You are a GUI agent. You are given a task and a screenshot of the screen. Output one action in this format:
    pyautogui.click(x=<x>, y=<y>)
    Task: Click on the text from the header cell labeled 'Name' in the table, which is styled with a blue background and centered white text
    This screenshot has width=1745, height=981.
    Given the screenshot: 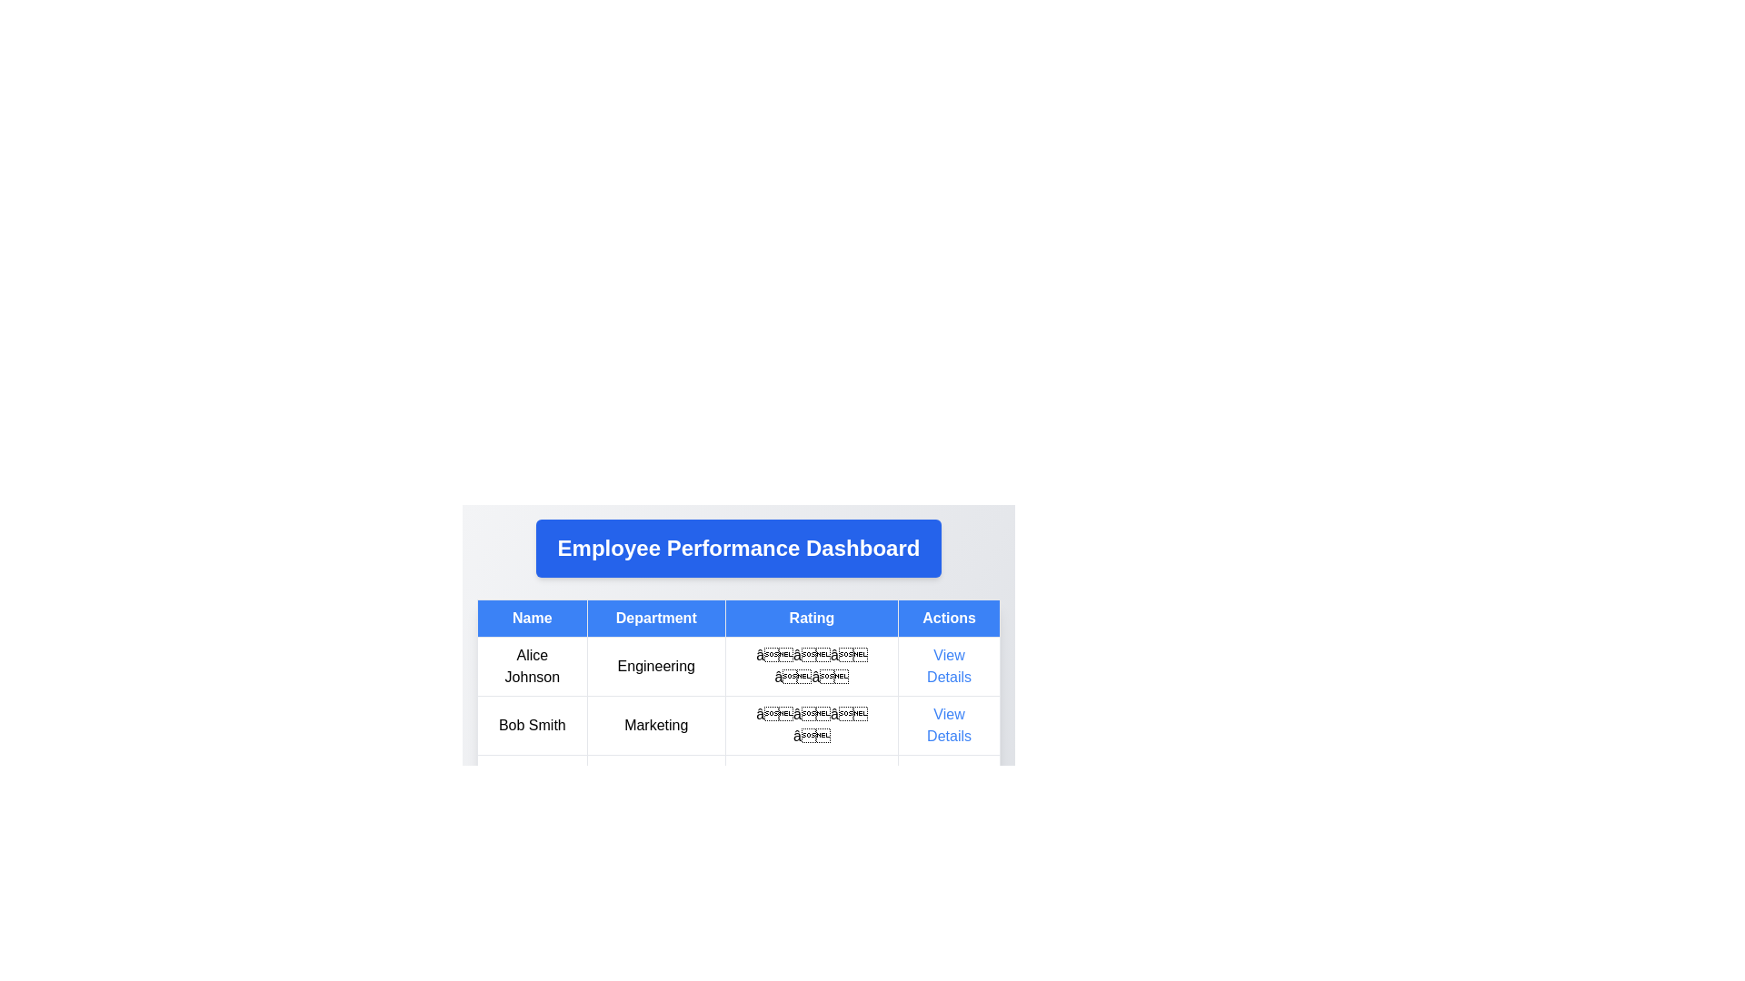 What is the action you would take?
    pyautogui.click(x=531, y=618)
    